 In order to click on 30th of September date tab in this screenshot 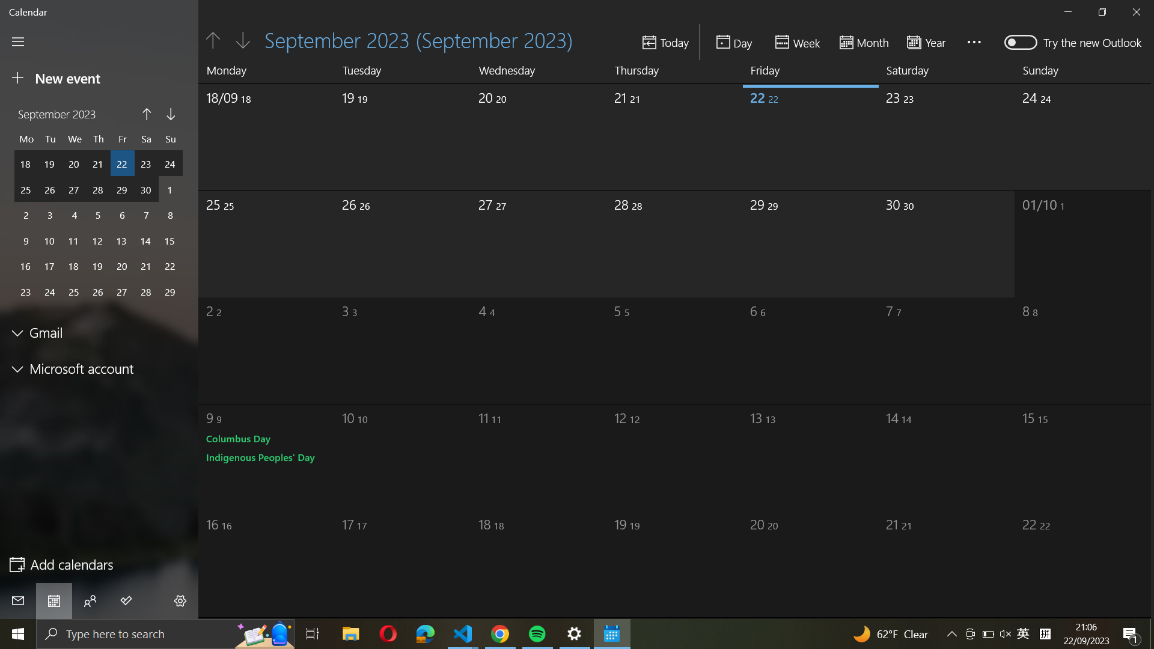, I will do `click(947, 132)`.